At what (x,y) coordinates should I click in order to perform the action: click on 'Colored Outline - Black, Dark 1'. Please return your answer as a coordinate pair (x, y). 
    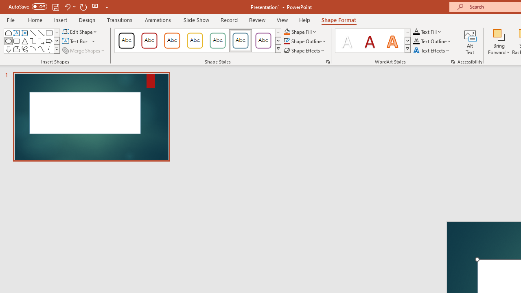
    Looking at the image, I should click on (126, 41).